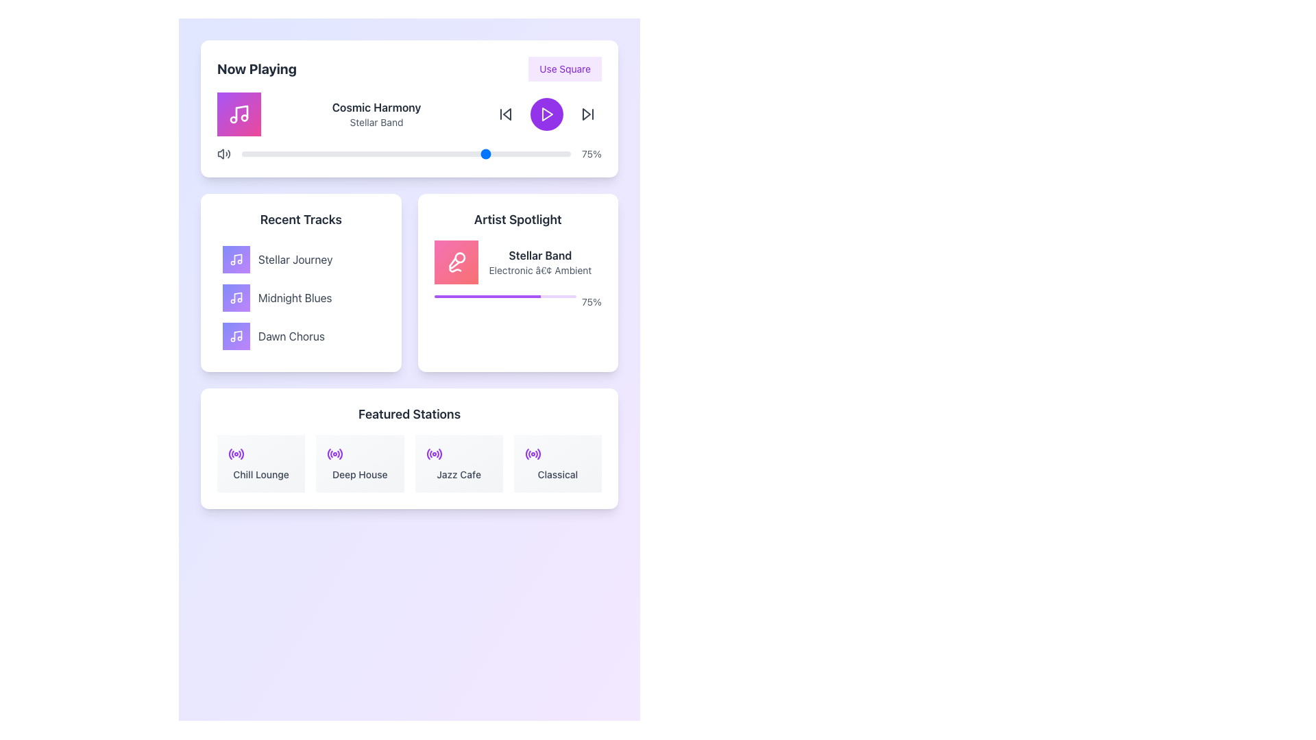 This screenshot has width=1316, height=740. Describe the element at coordinates (300, 282) in the screenshot. I see `title and content of the 'Recent Tracks' section, which displays a list of three tracks: 'Stellar Journey', 'Midnight Blues', and 'Dawn Chorus'` at that location.